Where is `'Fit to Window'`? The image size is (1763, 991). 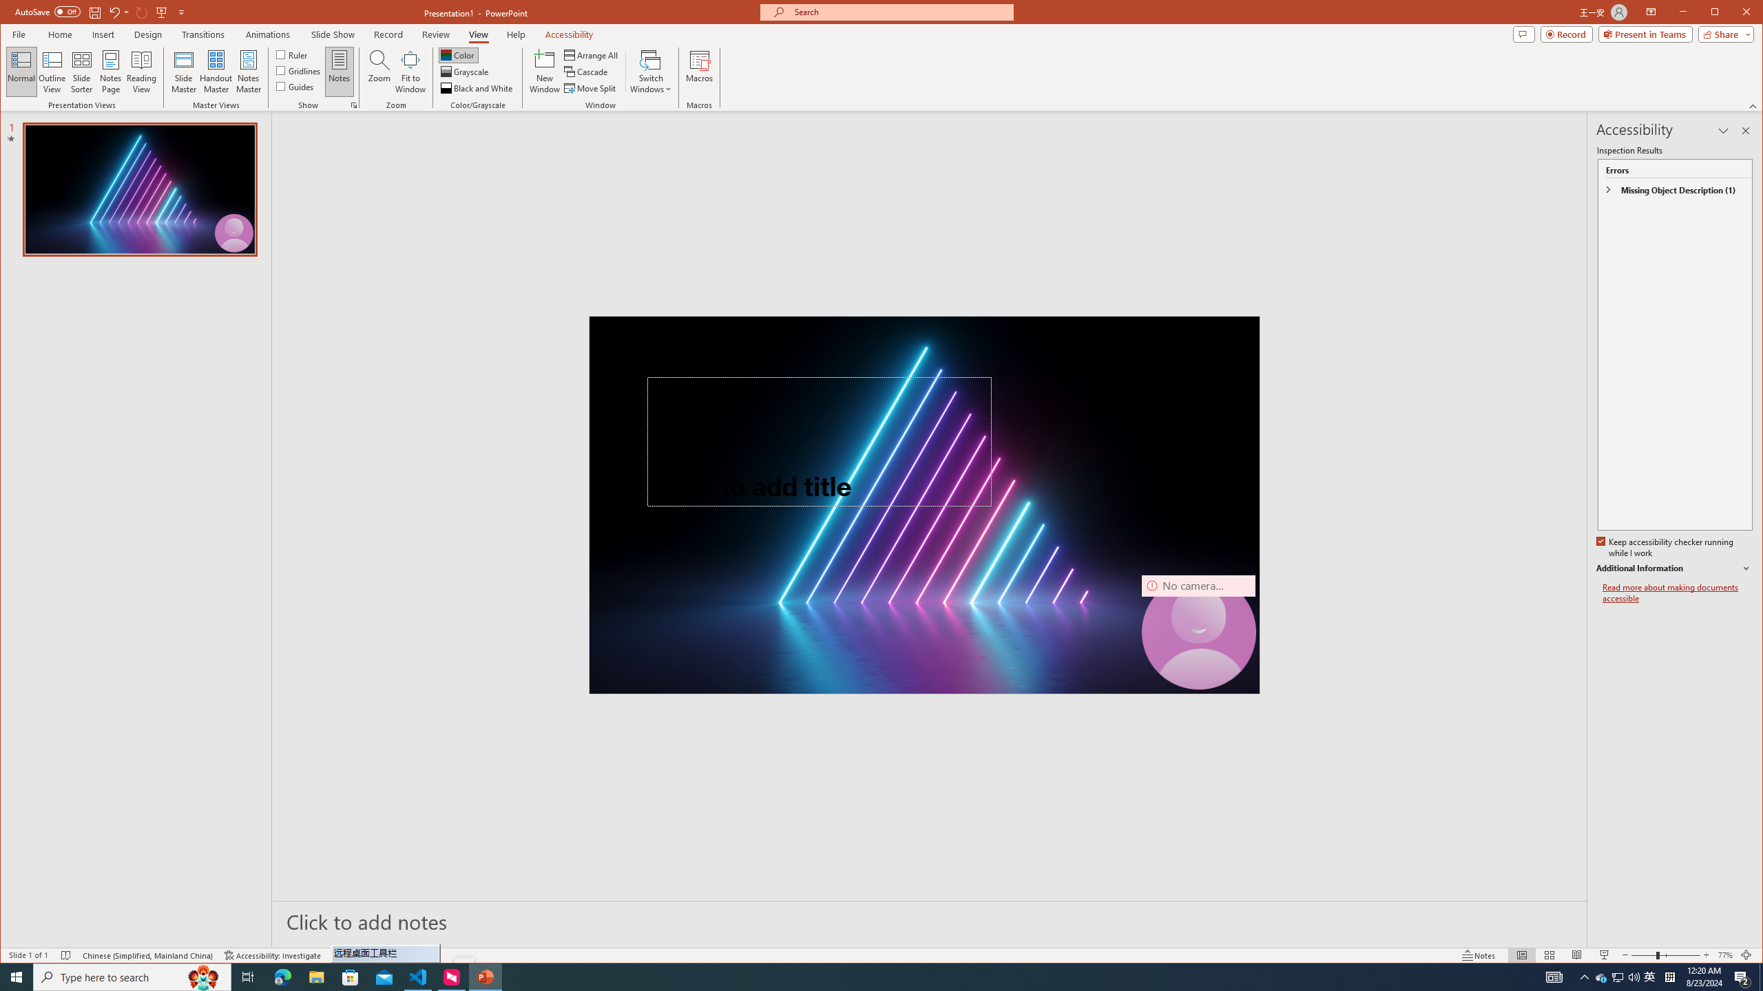
'Fit to Window' is located at coordinates (410, 71).